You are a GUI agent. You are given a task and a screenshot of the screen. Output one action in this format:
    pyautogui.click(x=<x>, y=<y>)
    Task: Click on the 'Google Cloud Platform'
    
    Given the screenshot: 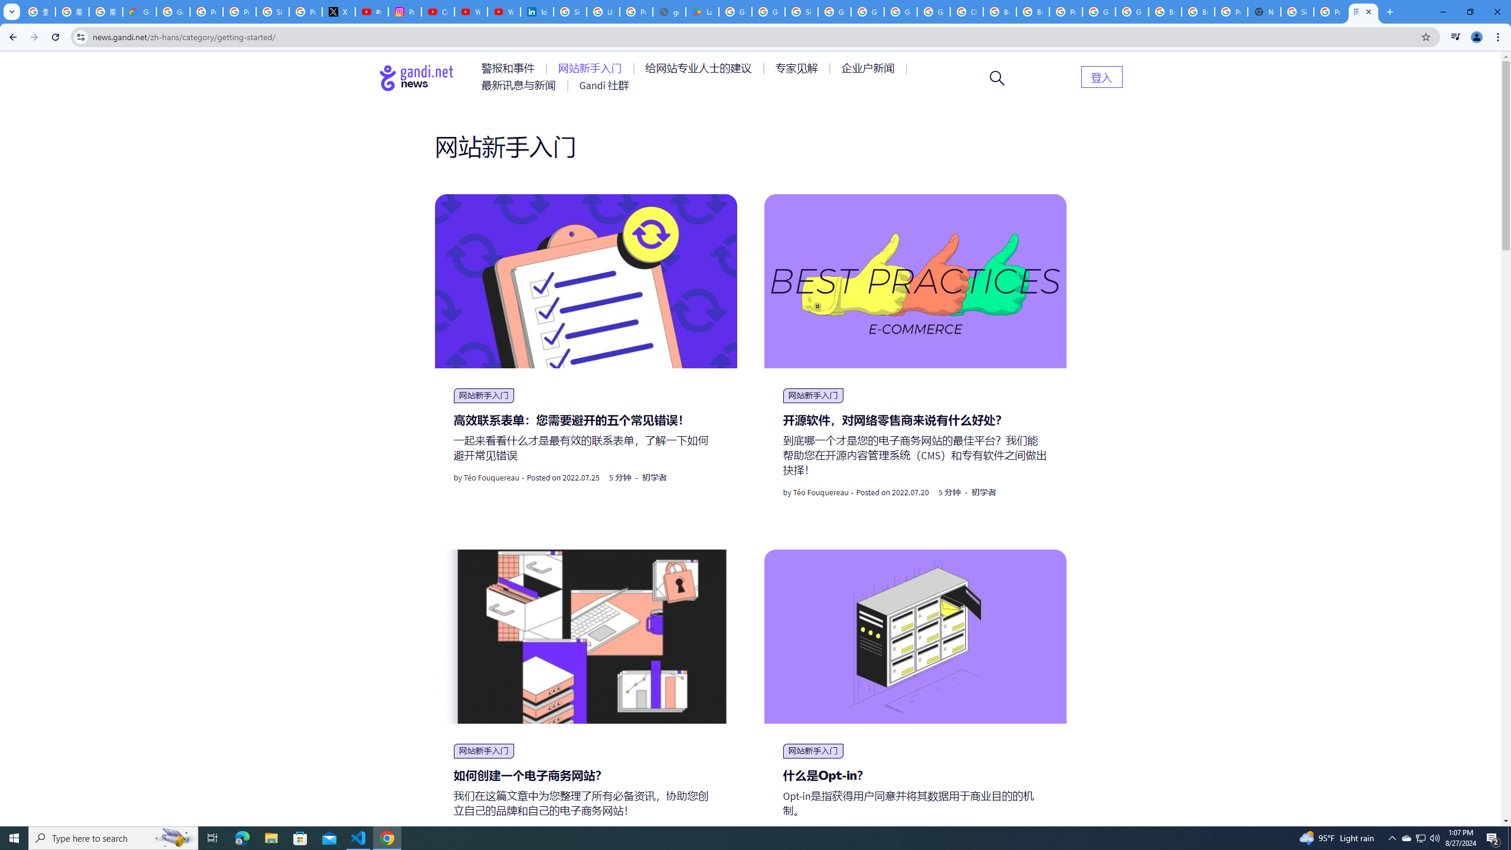 What is the action you would take?
    pyautogui.click(x=1131, y=11)
    